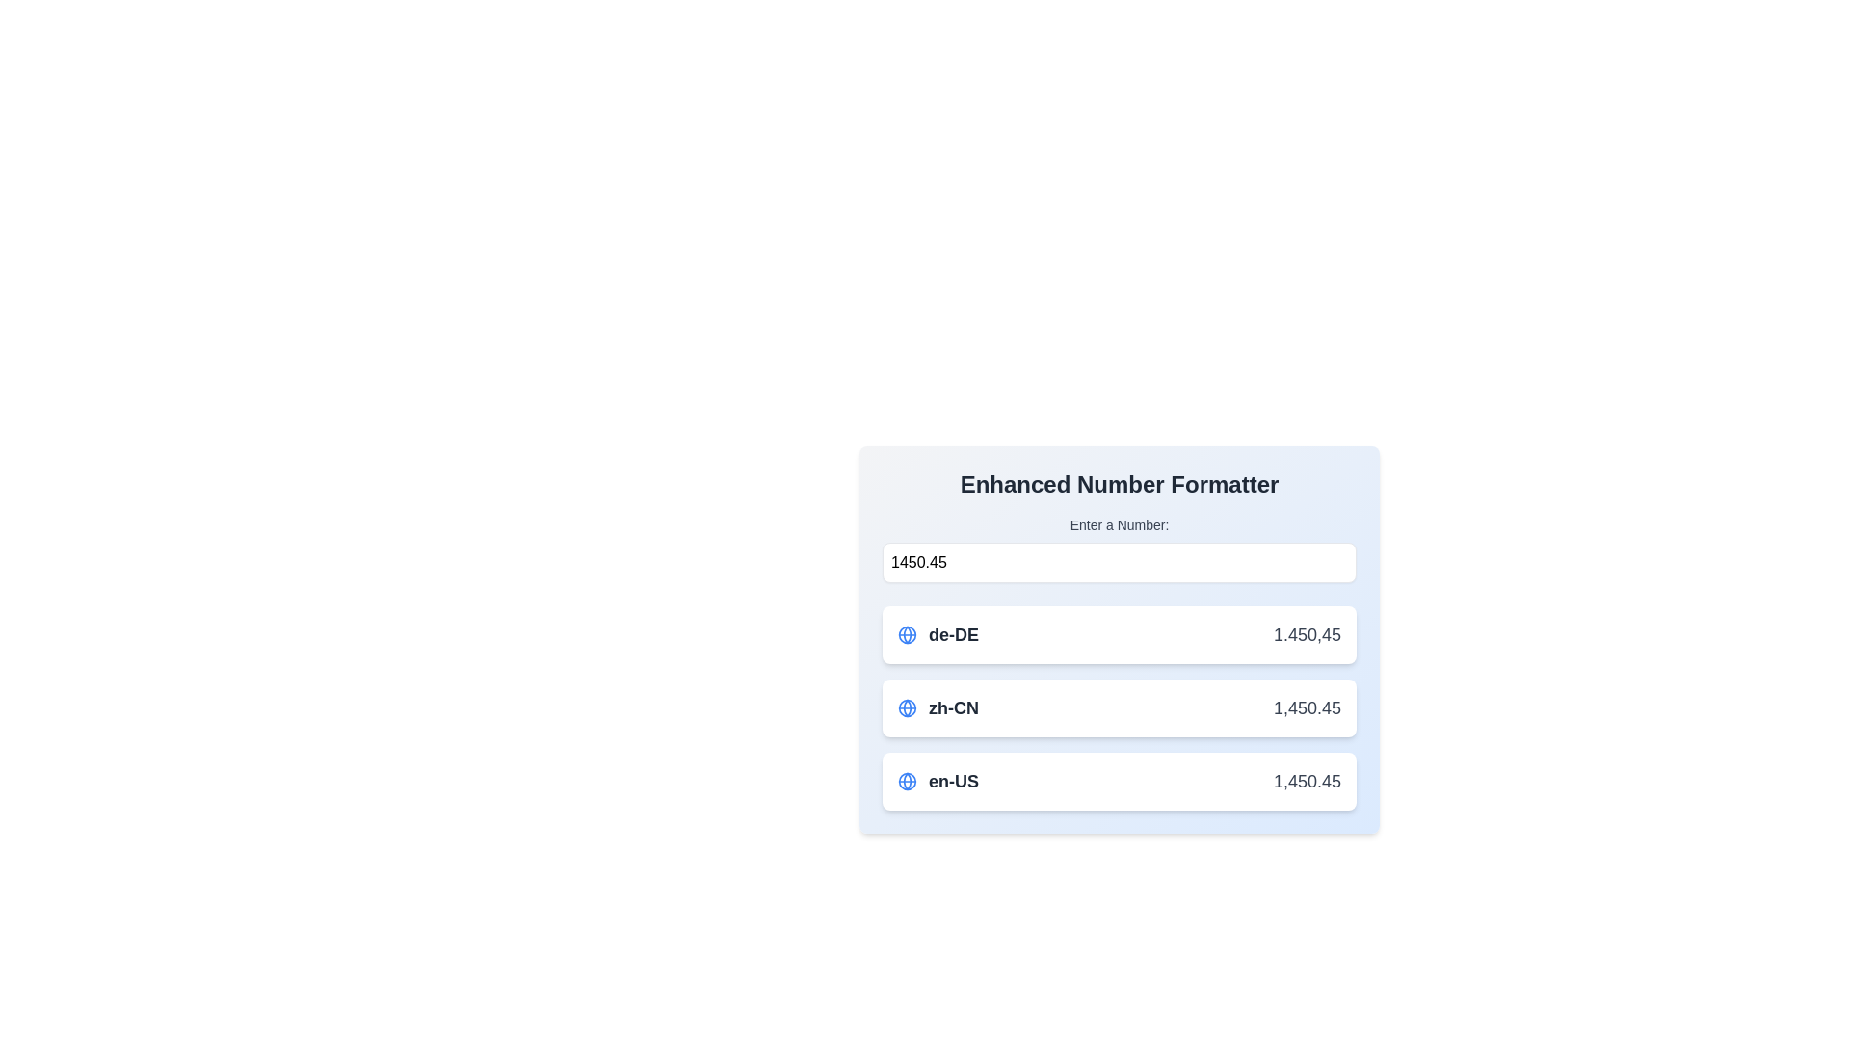  I want to click on text label 'en-US' which is styled with a larger, bold font and is dark gray in color, located to the right of a blue globe icon in a vertically stacked list of language options, so click(953, 781).